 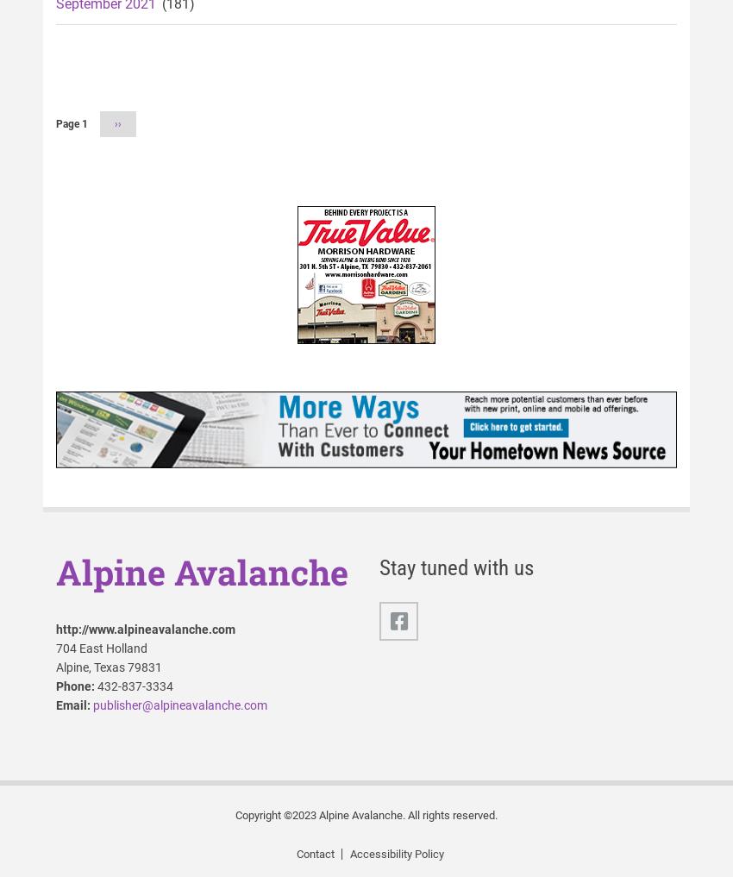 I want to click on 'Page 1', so click(x=72, y=123).